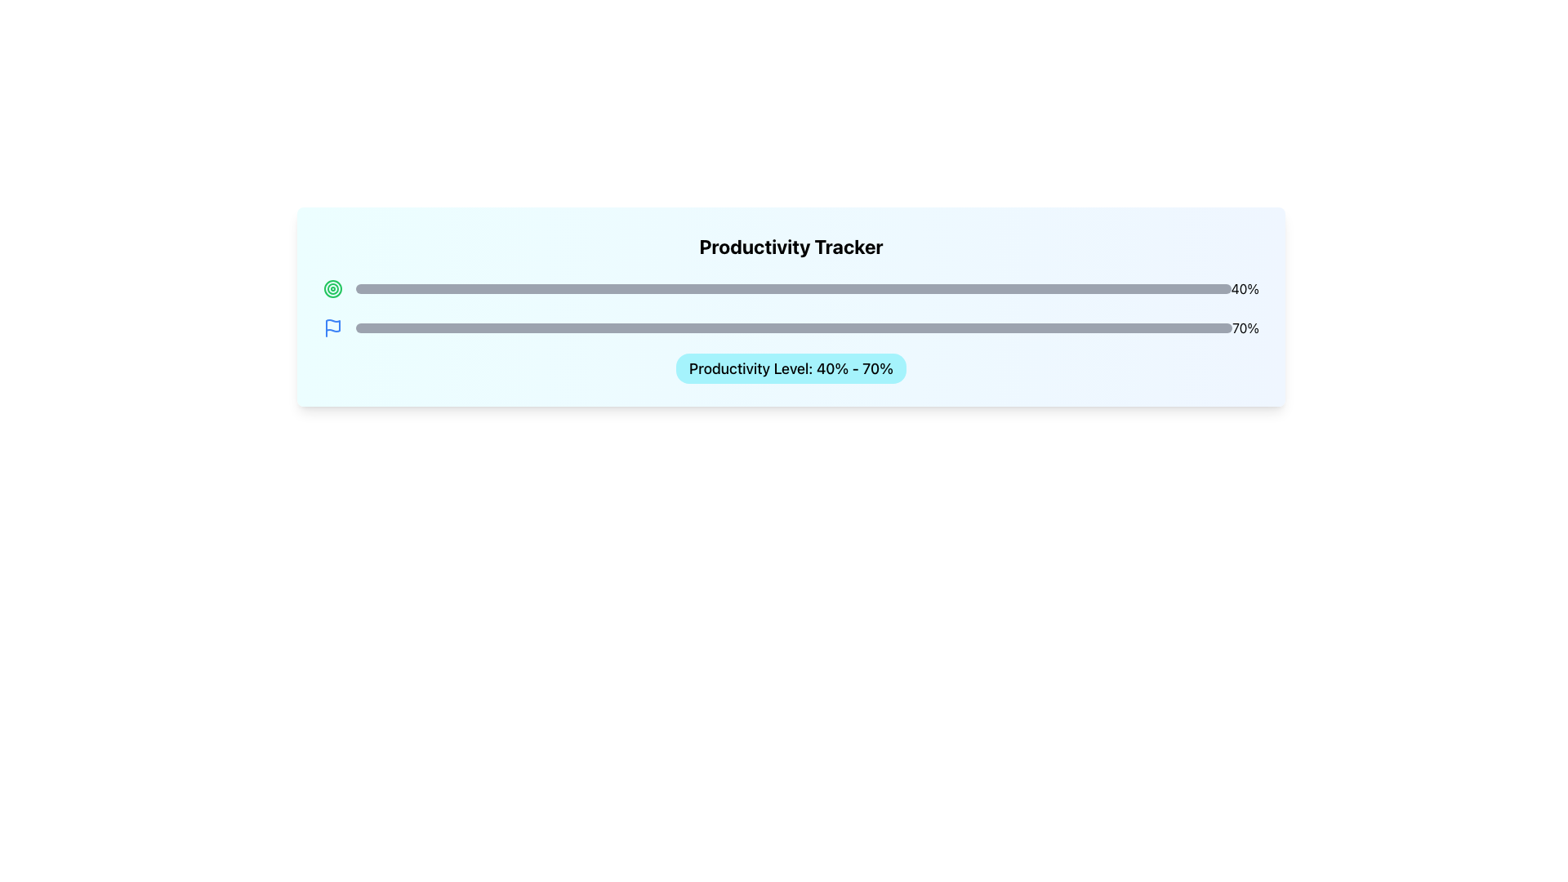 This screenshot has width=1568, height=882. I want to click on the productivity level slider, so click(969, 288).